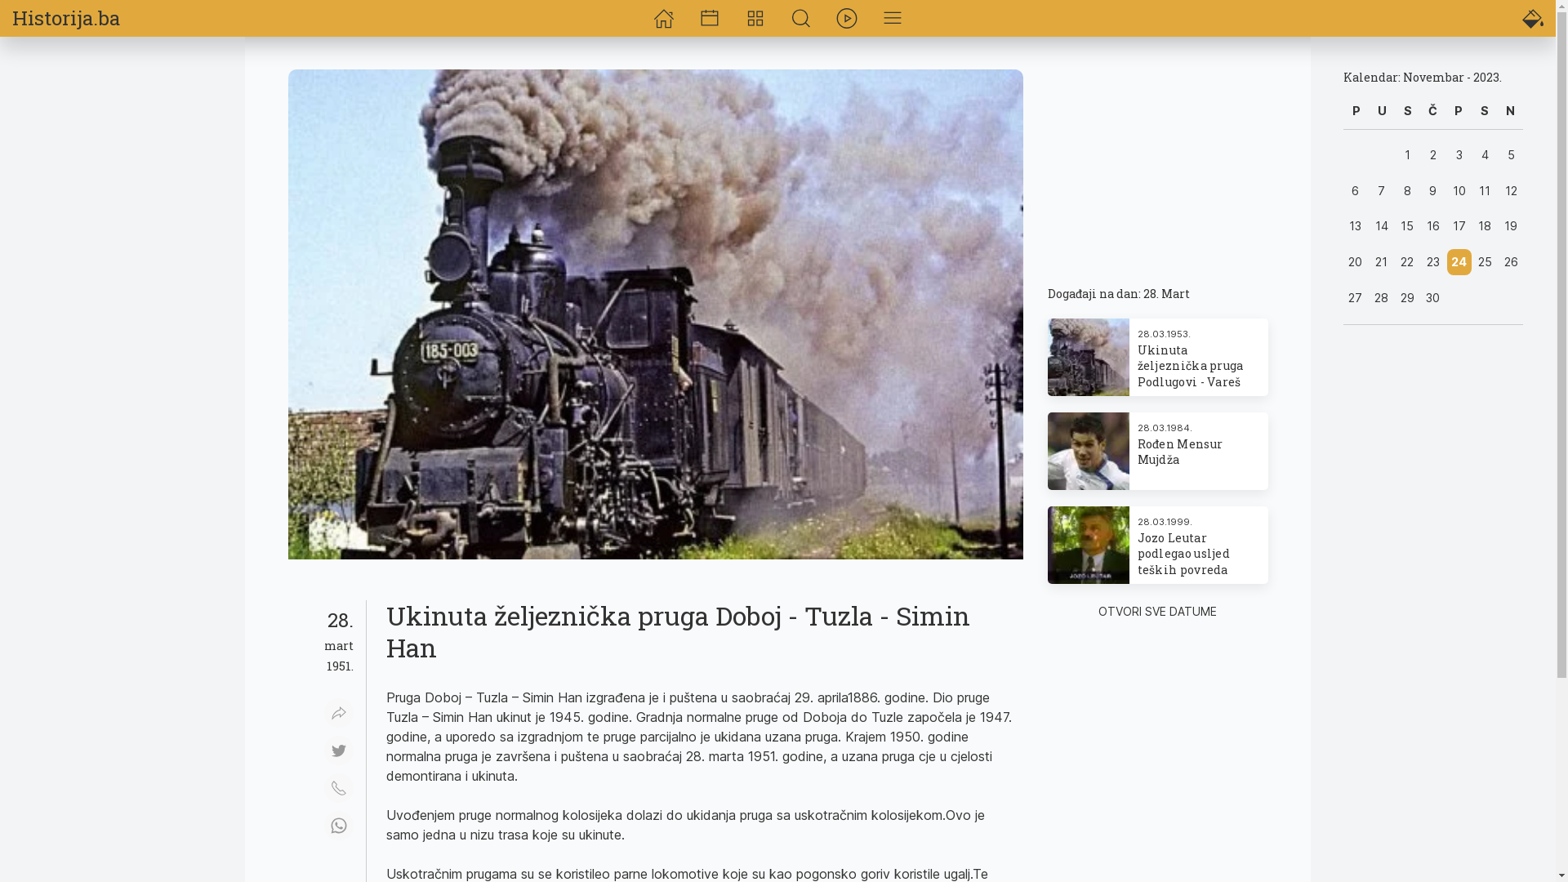  Describe the element at coordinates (1459, 261) in the screenshot. I see `'24'` at that location.